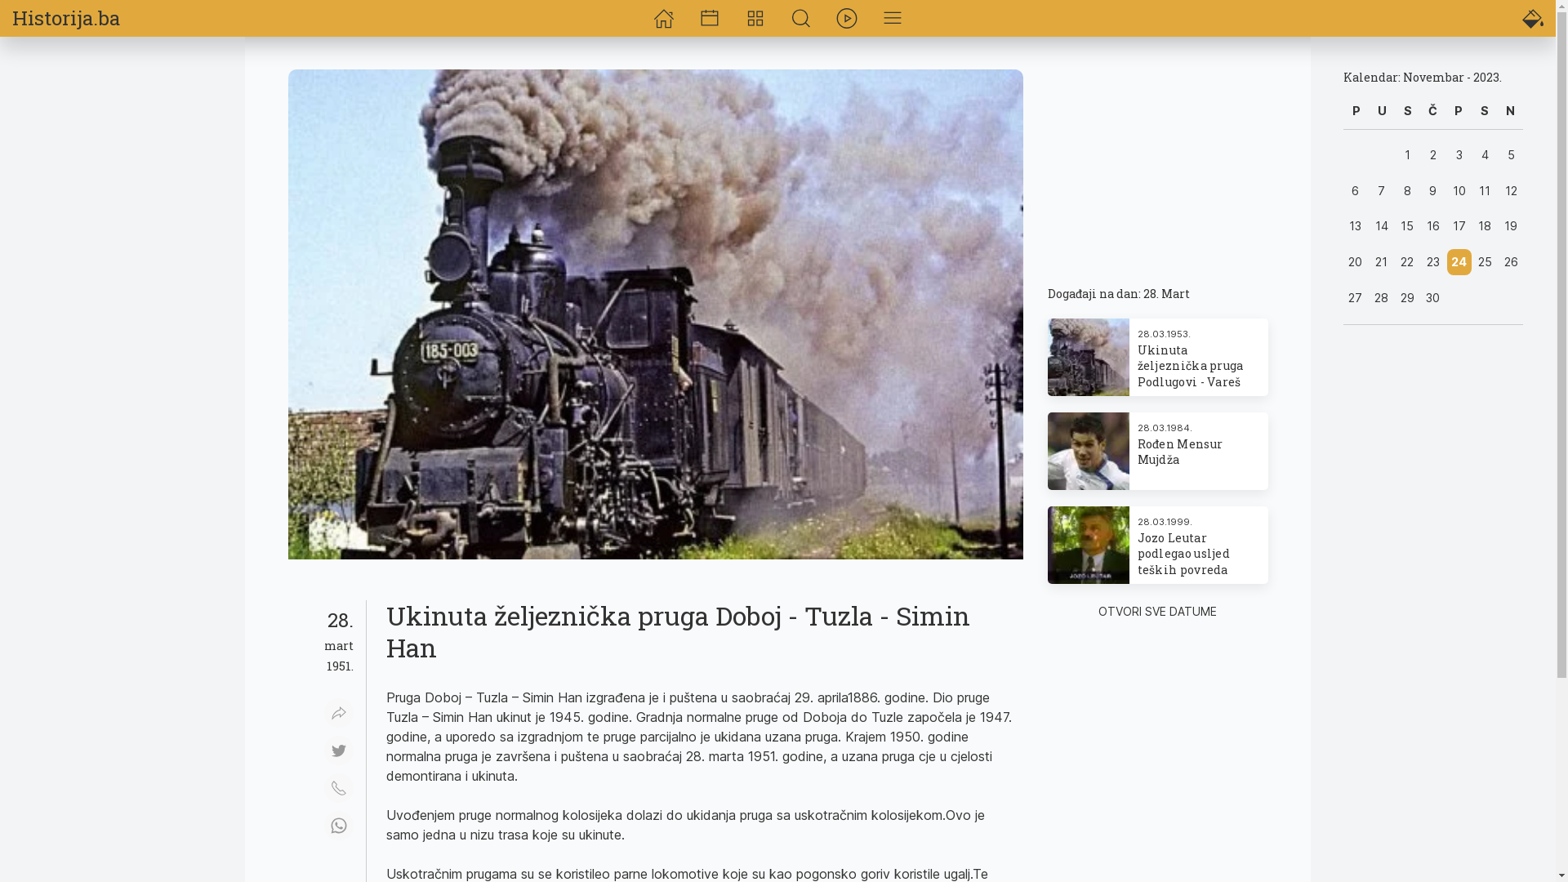  Describe the element at coordinates (1459, 261) in the screenshot. I see `'24'` at that location.